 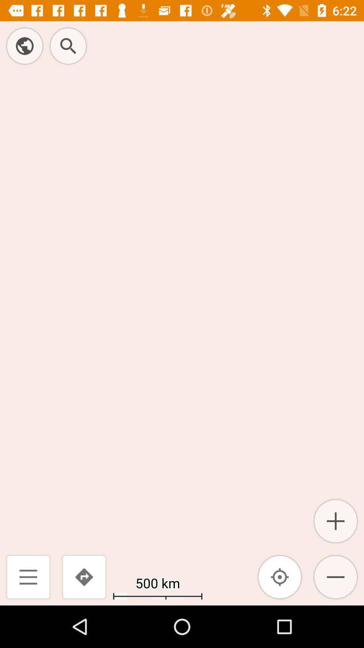 What do you see at coordinates (24, 46) in the screenshot?
I see `the globe icon` at bounding box center [24, 46].